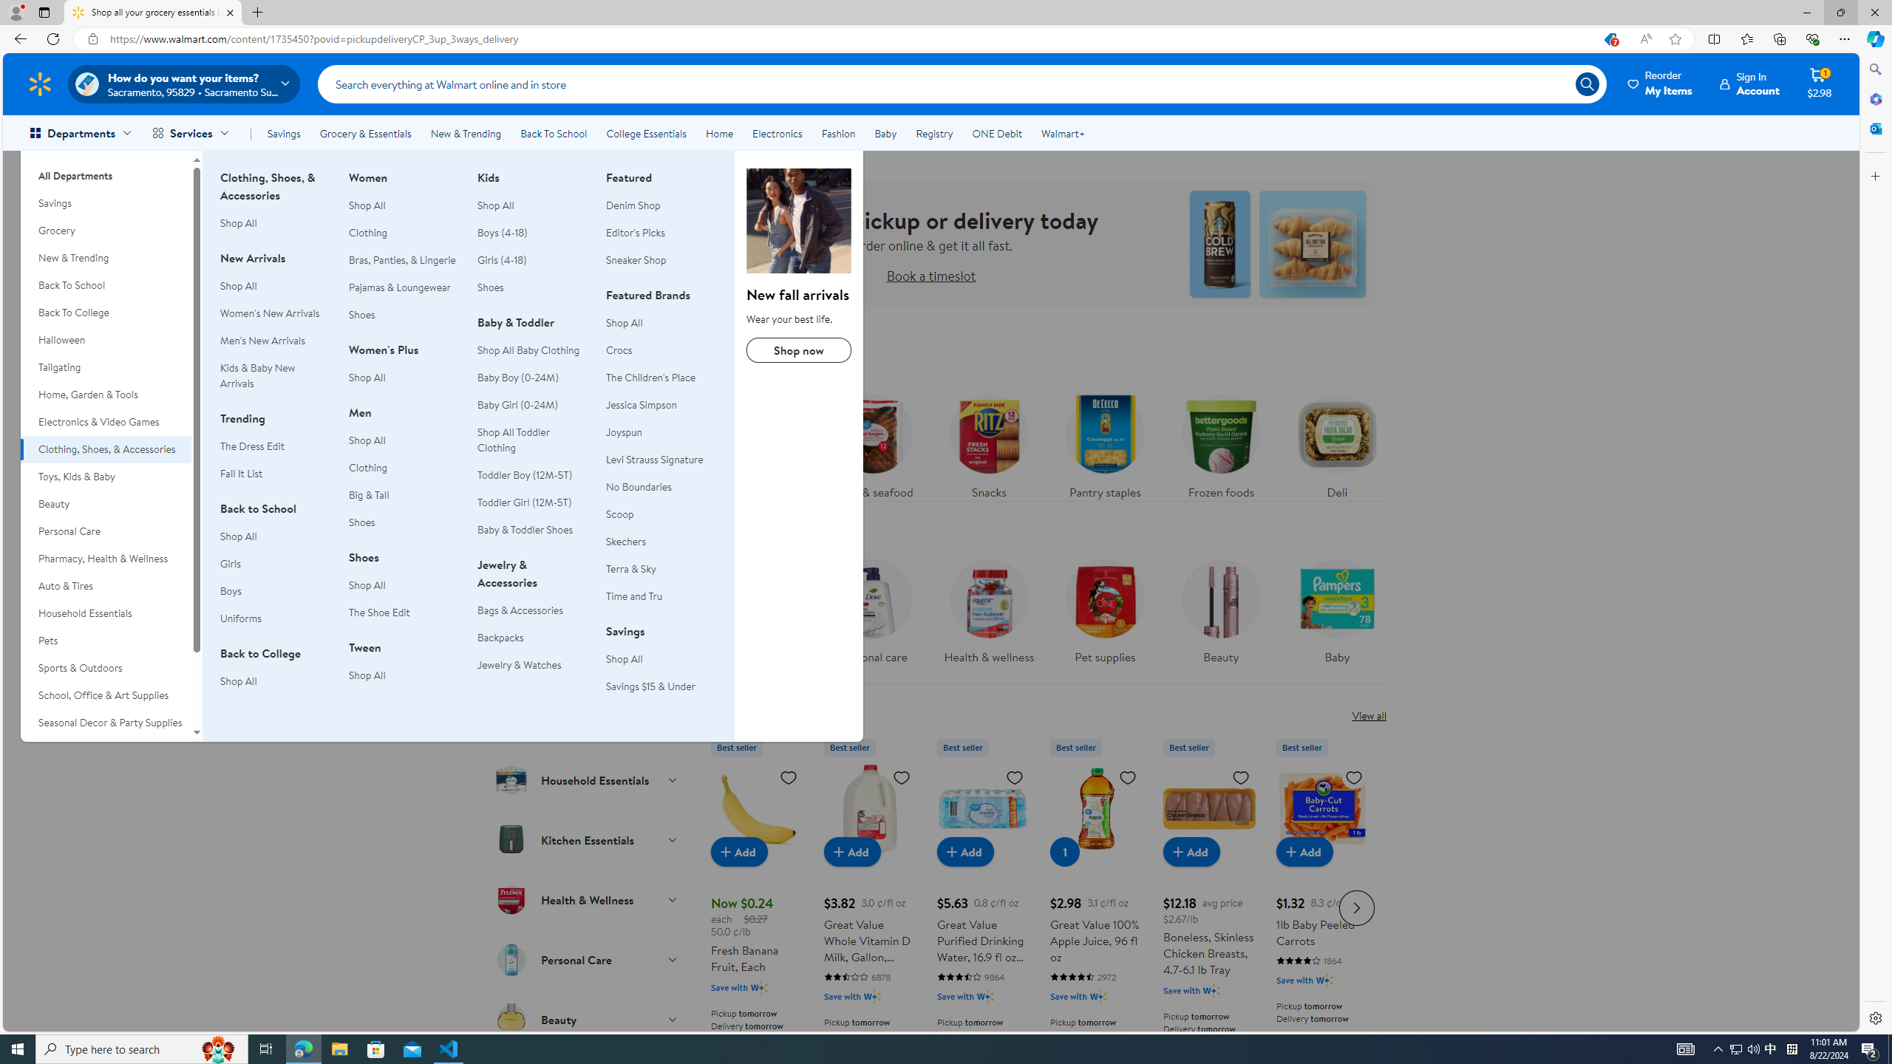  Describe the element at coordinates (988, 442) in the screenshot. I see `'Snacks'` at that location.